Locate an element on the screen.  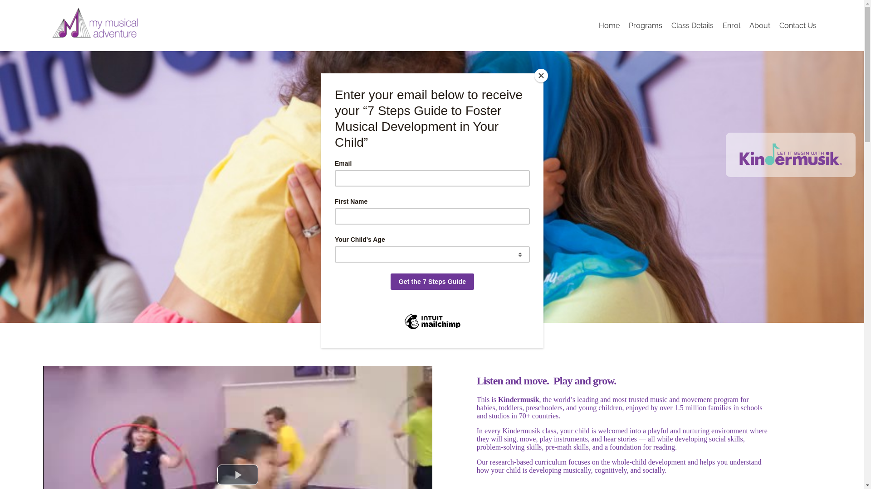
'Programs' is located at coordinates (645, 25).